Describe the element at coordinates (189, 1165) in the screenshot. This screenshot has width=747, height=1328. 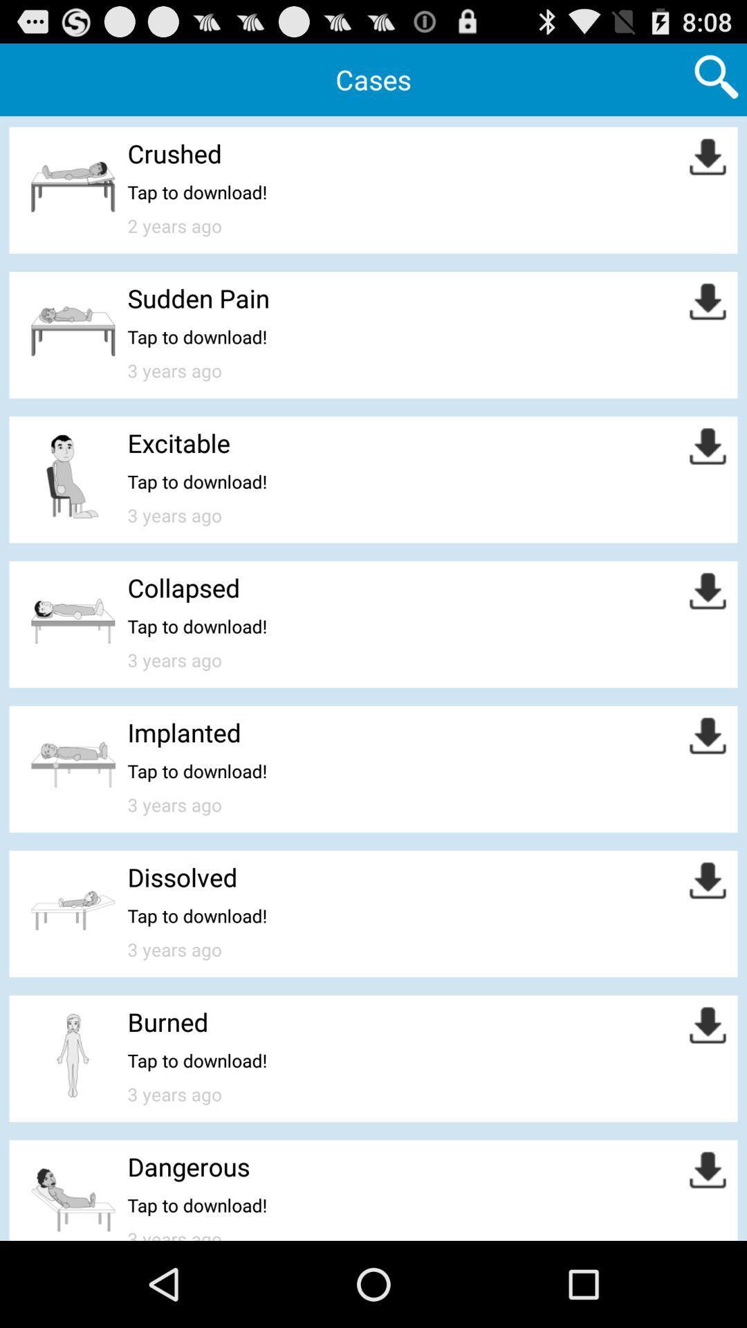
I see `dangerous icon` at that location.